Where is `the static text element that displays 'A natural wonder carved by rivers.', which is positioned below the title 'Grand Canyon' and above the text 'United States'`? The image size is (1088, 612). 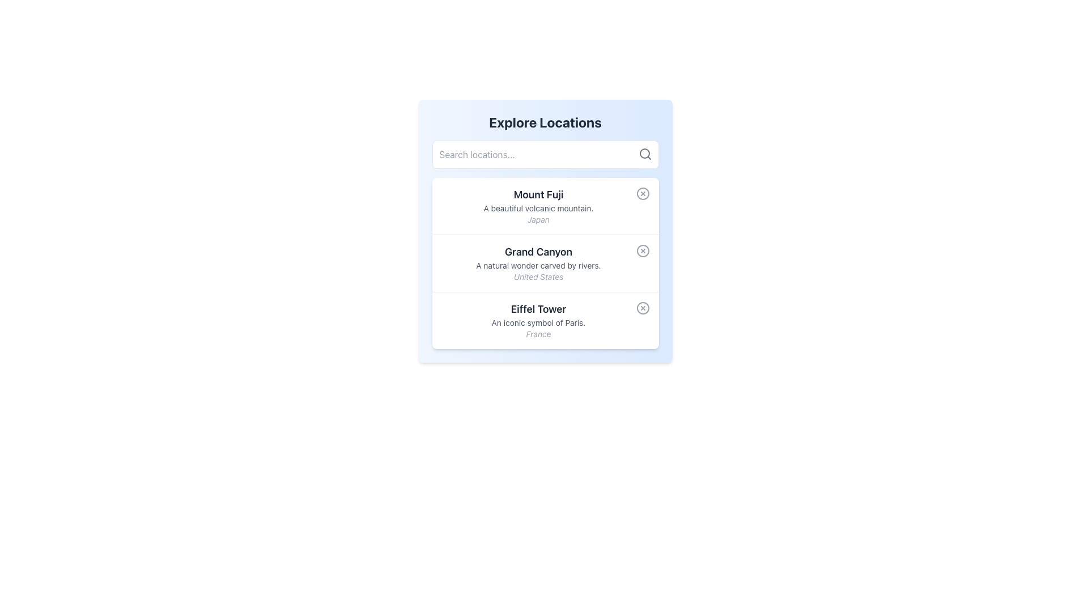 the static text element that displays 'A natural wonder carved by rivers.', which is positioned below the title 'Grand Canyon' and above the text 'United States' is located at coordinates (538, 266).